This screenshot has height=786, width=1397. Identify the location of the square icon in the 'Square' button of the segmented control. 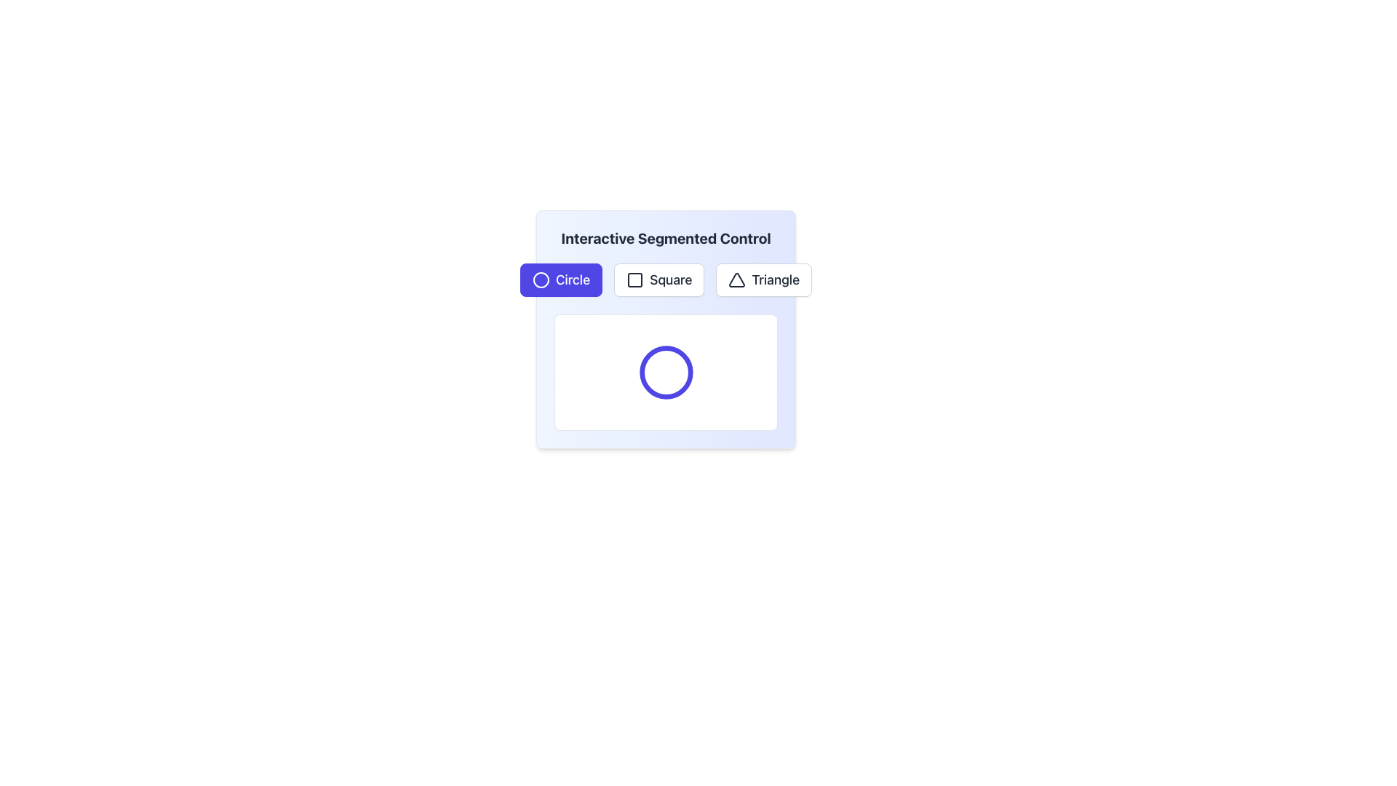
(635, 280).